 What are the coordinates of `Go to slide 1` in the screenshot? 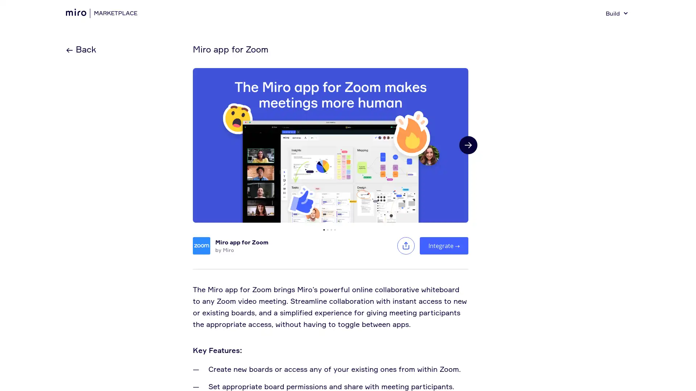 It's located at (323, 229).